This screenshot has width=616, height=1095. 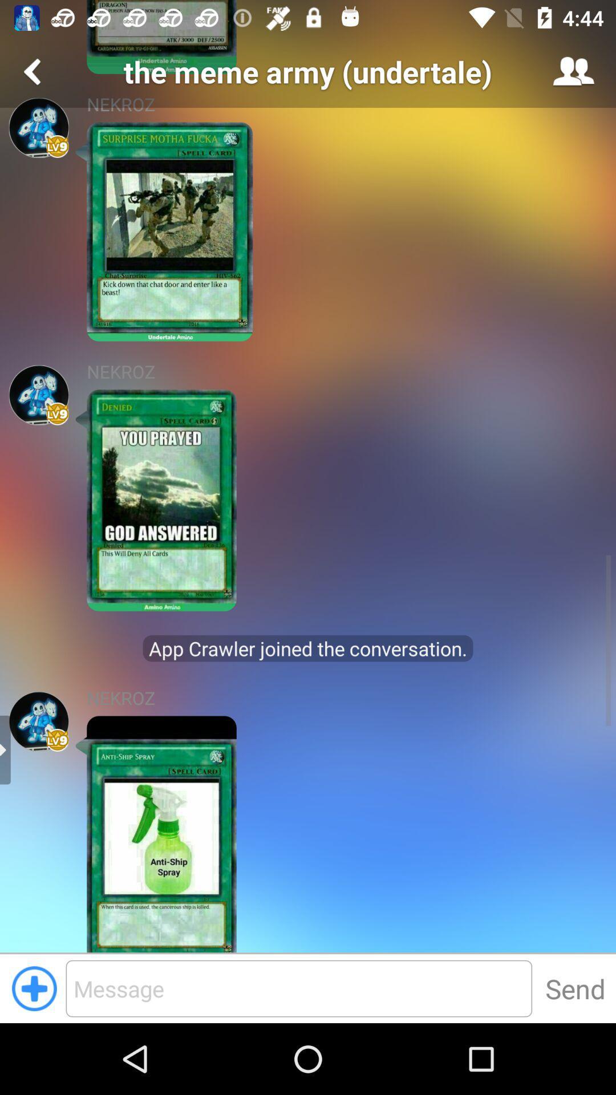 What do you see at coordinates (38, 128) in the screenshot?
I see `game page` at bounding box center [38, 128].